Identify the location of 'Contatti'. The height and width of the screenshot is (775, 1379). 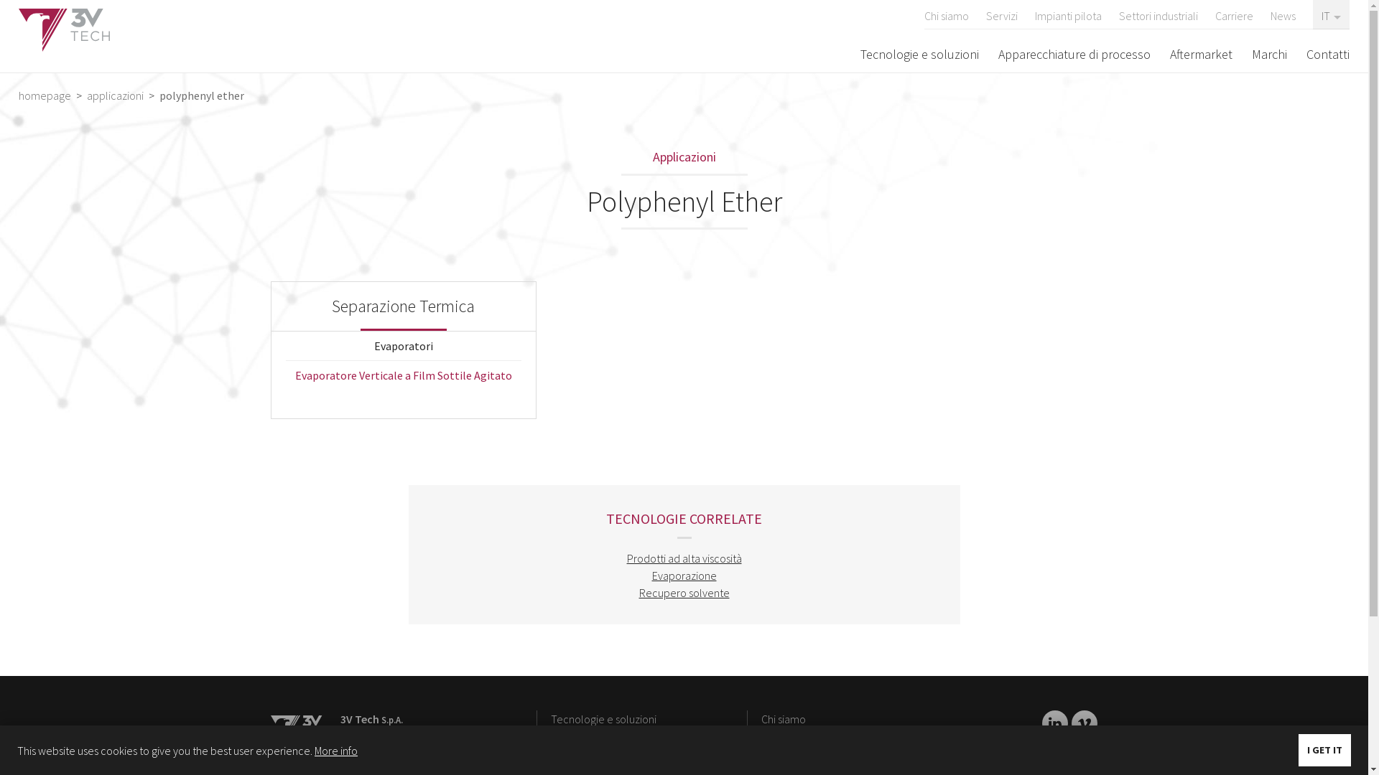
(1327, 52).